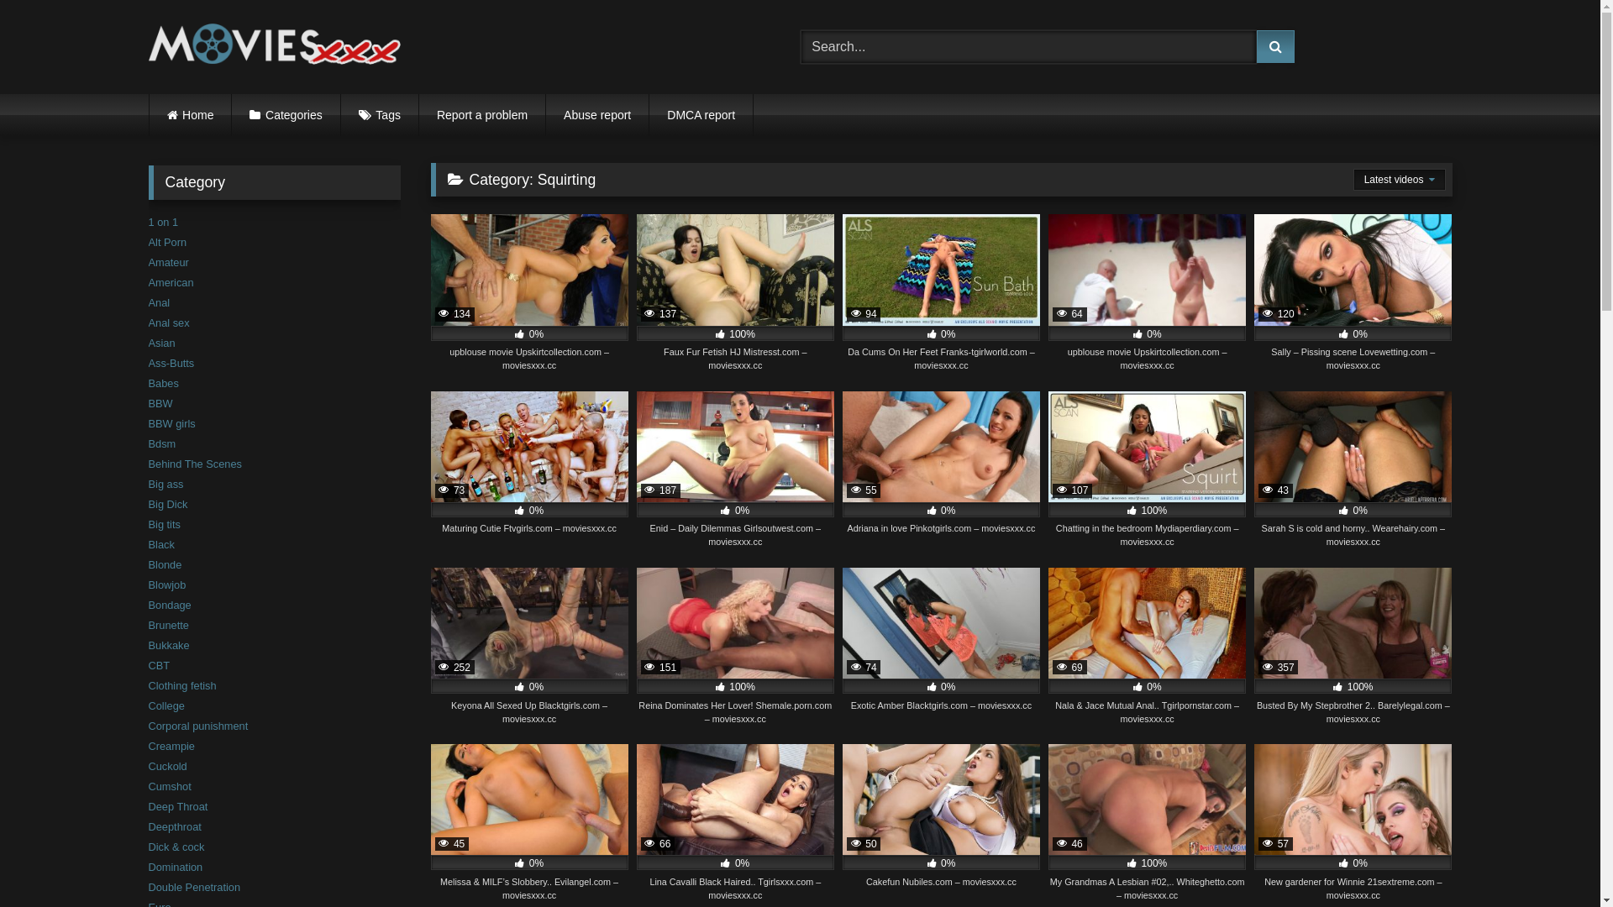 The width and height of the screenshot is (1613, 907). Describe the element at coordinates (596, 114) in the screenshot. I see `'Abuse report'` at that location.